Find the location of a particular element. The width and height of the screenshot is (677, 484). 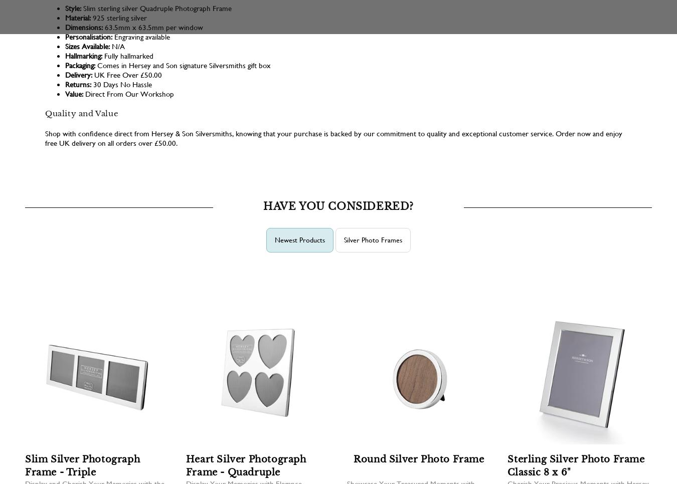

'Direct From Our Workshop' is located at coordinates (128, 94).